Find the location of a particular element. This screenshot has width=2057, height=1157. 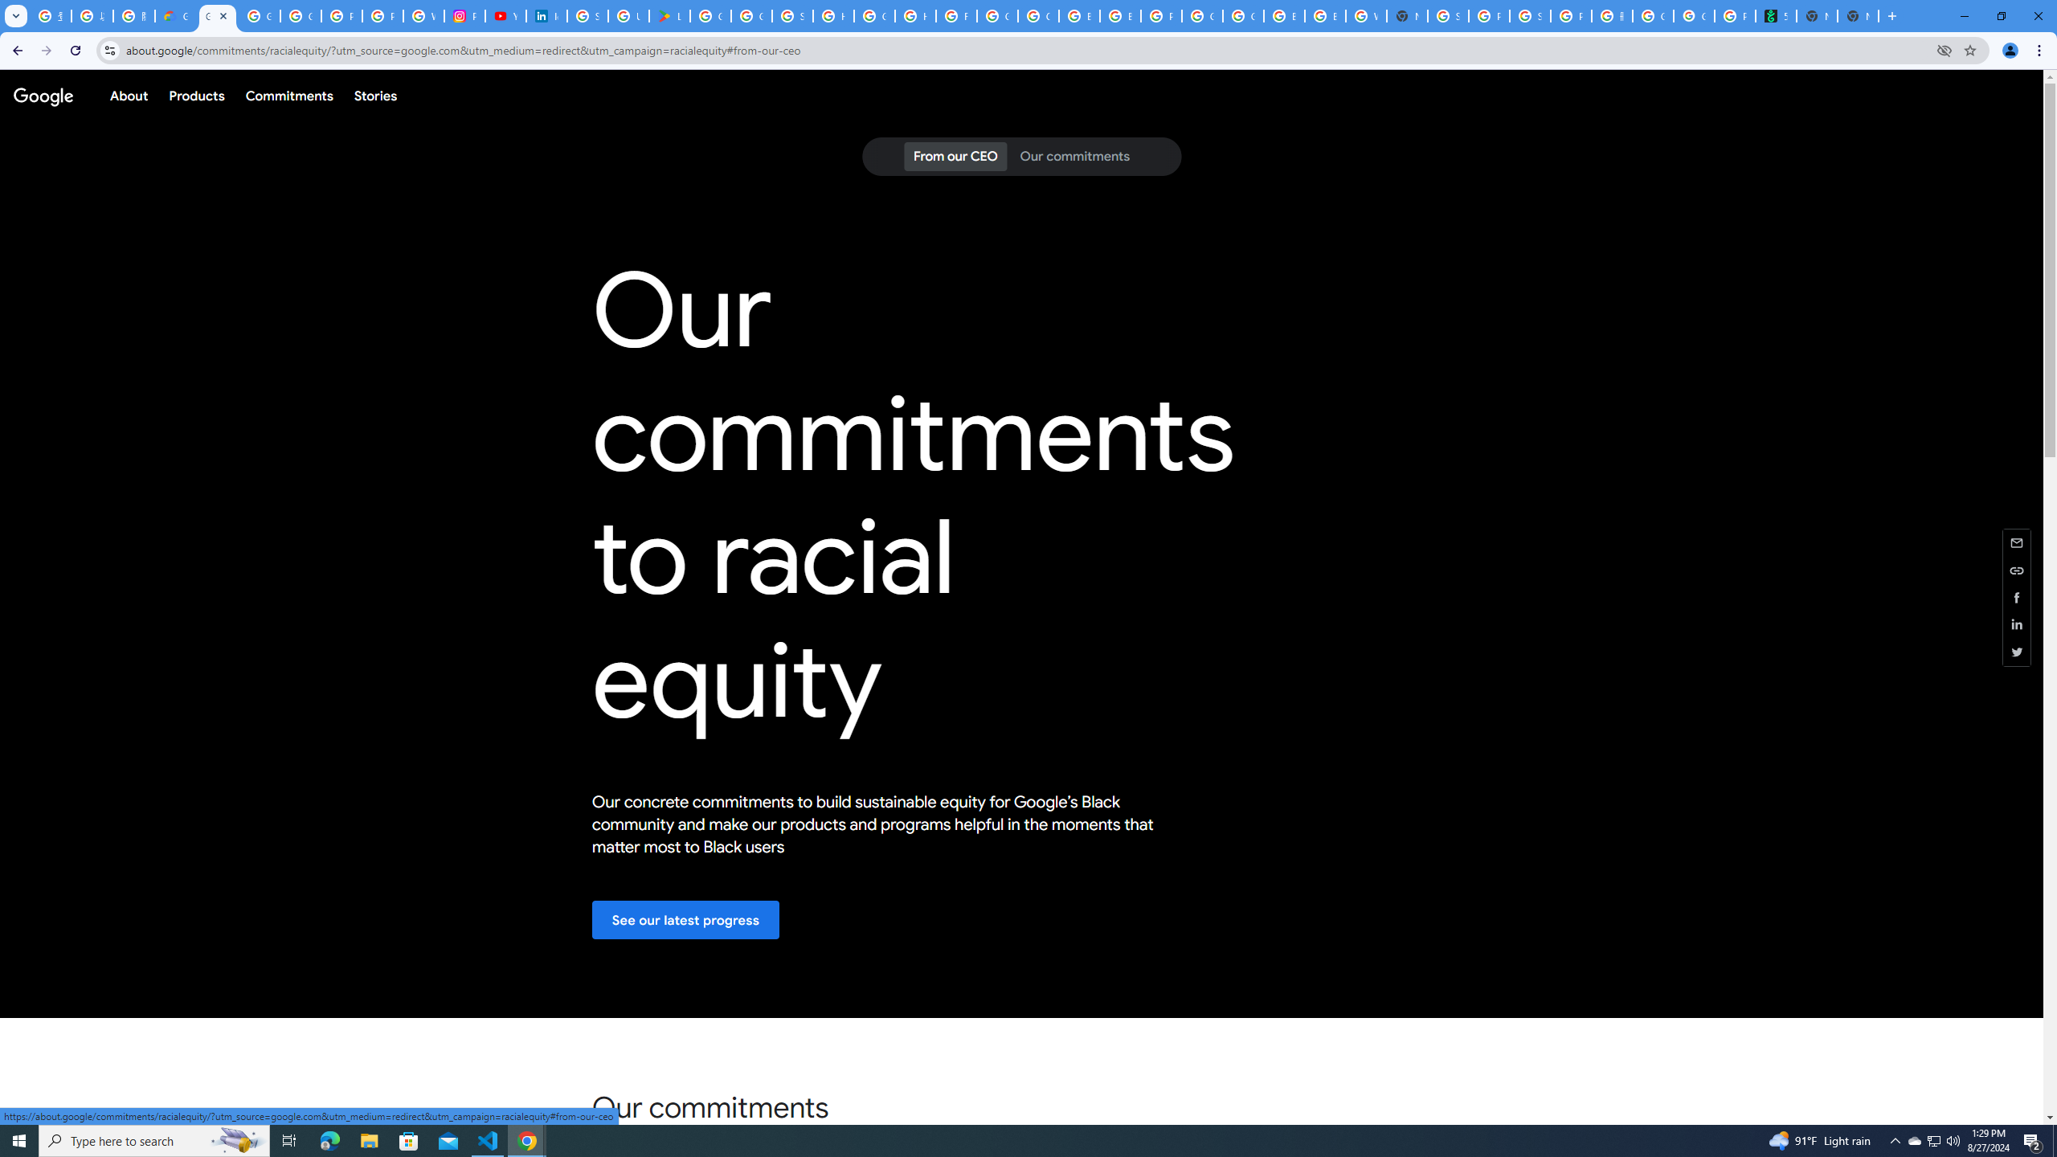

'Share this page (Facebook)' is located at coordinates (2017, 596).